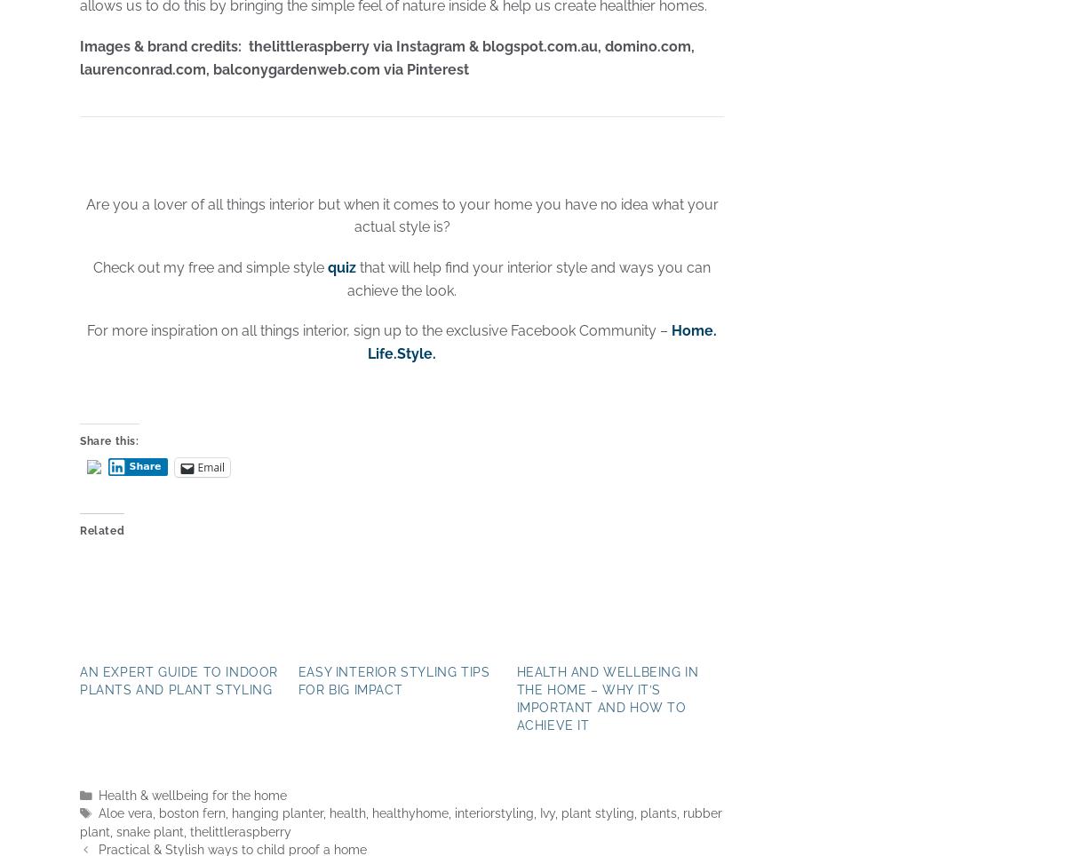 The height and width of the screenshot is (856, 1066). What do you see at coordinates (640, 812) in the screenshot?
I see `'plants'` at bounding box center [640, 812].